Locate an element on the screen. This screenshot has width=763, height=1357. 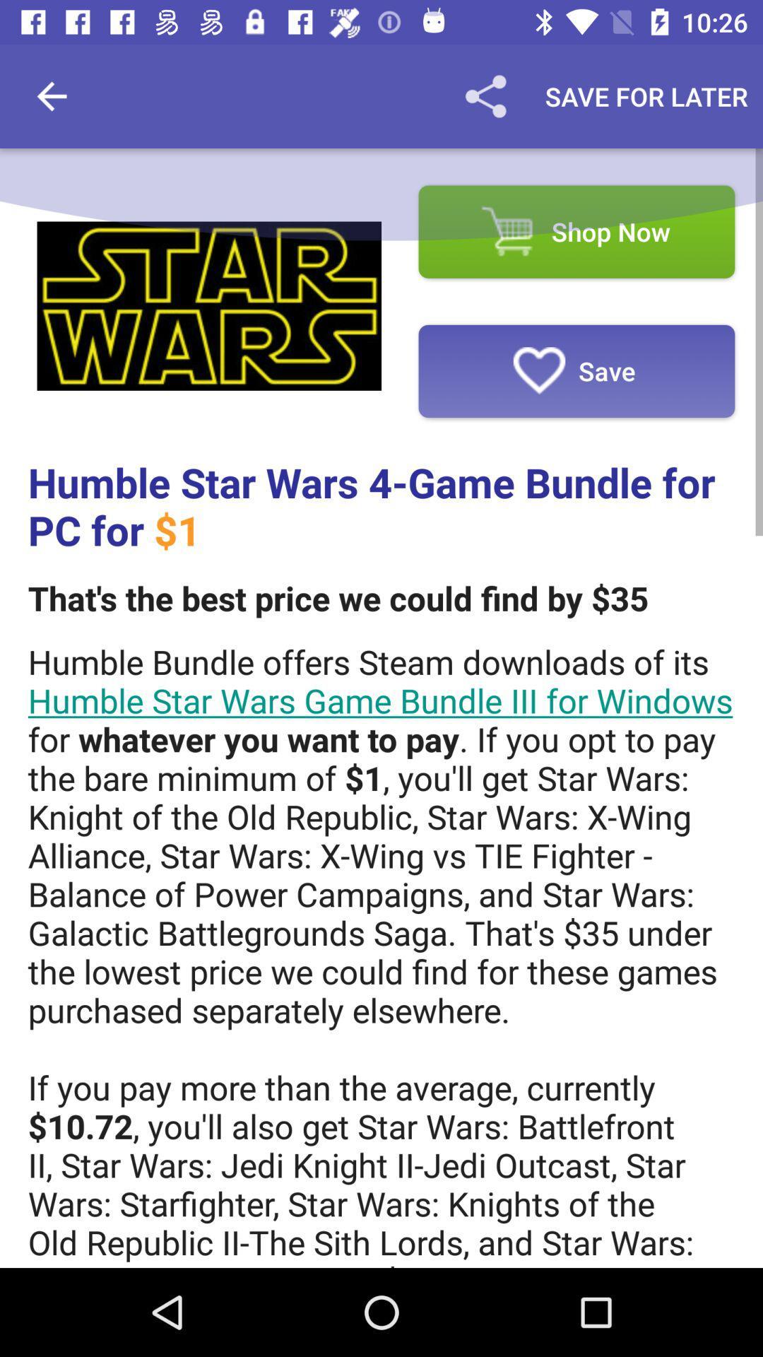
the icon above the humble bundle offers is located at coordinates (338, 598).